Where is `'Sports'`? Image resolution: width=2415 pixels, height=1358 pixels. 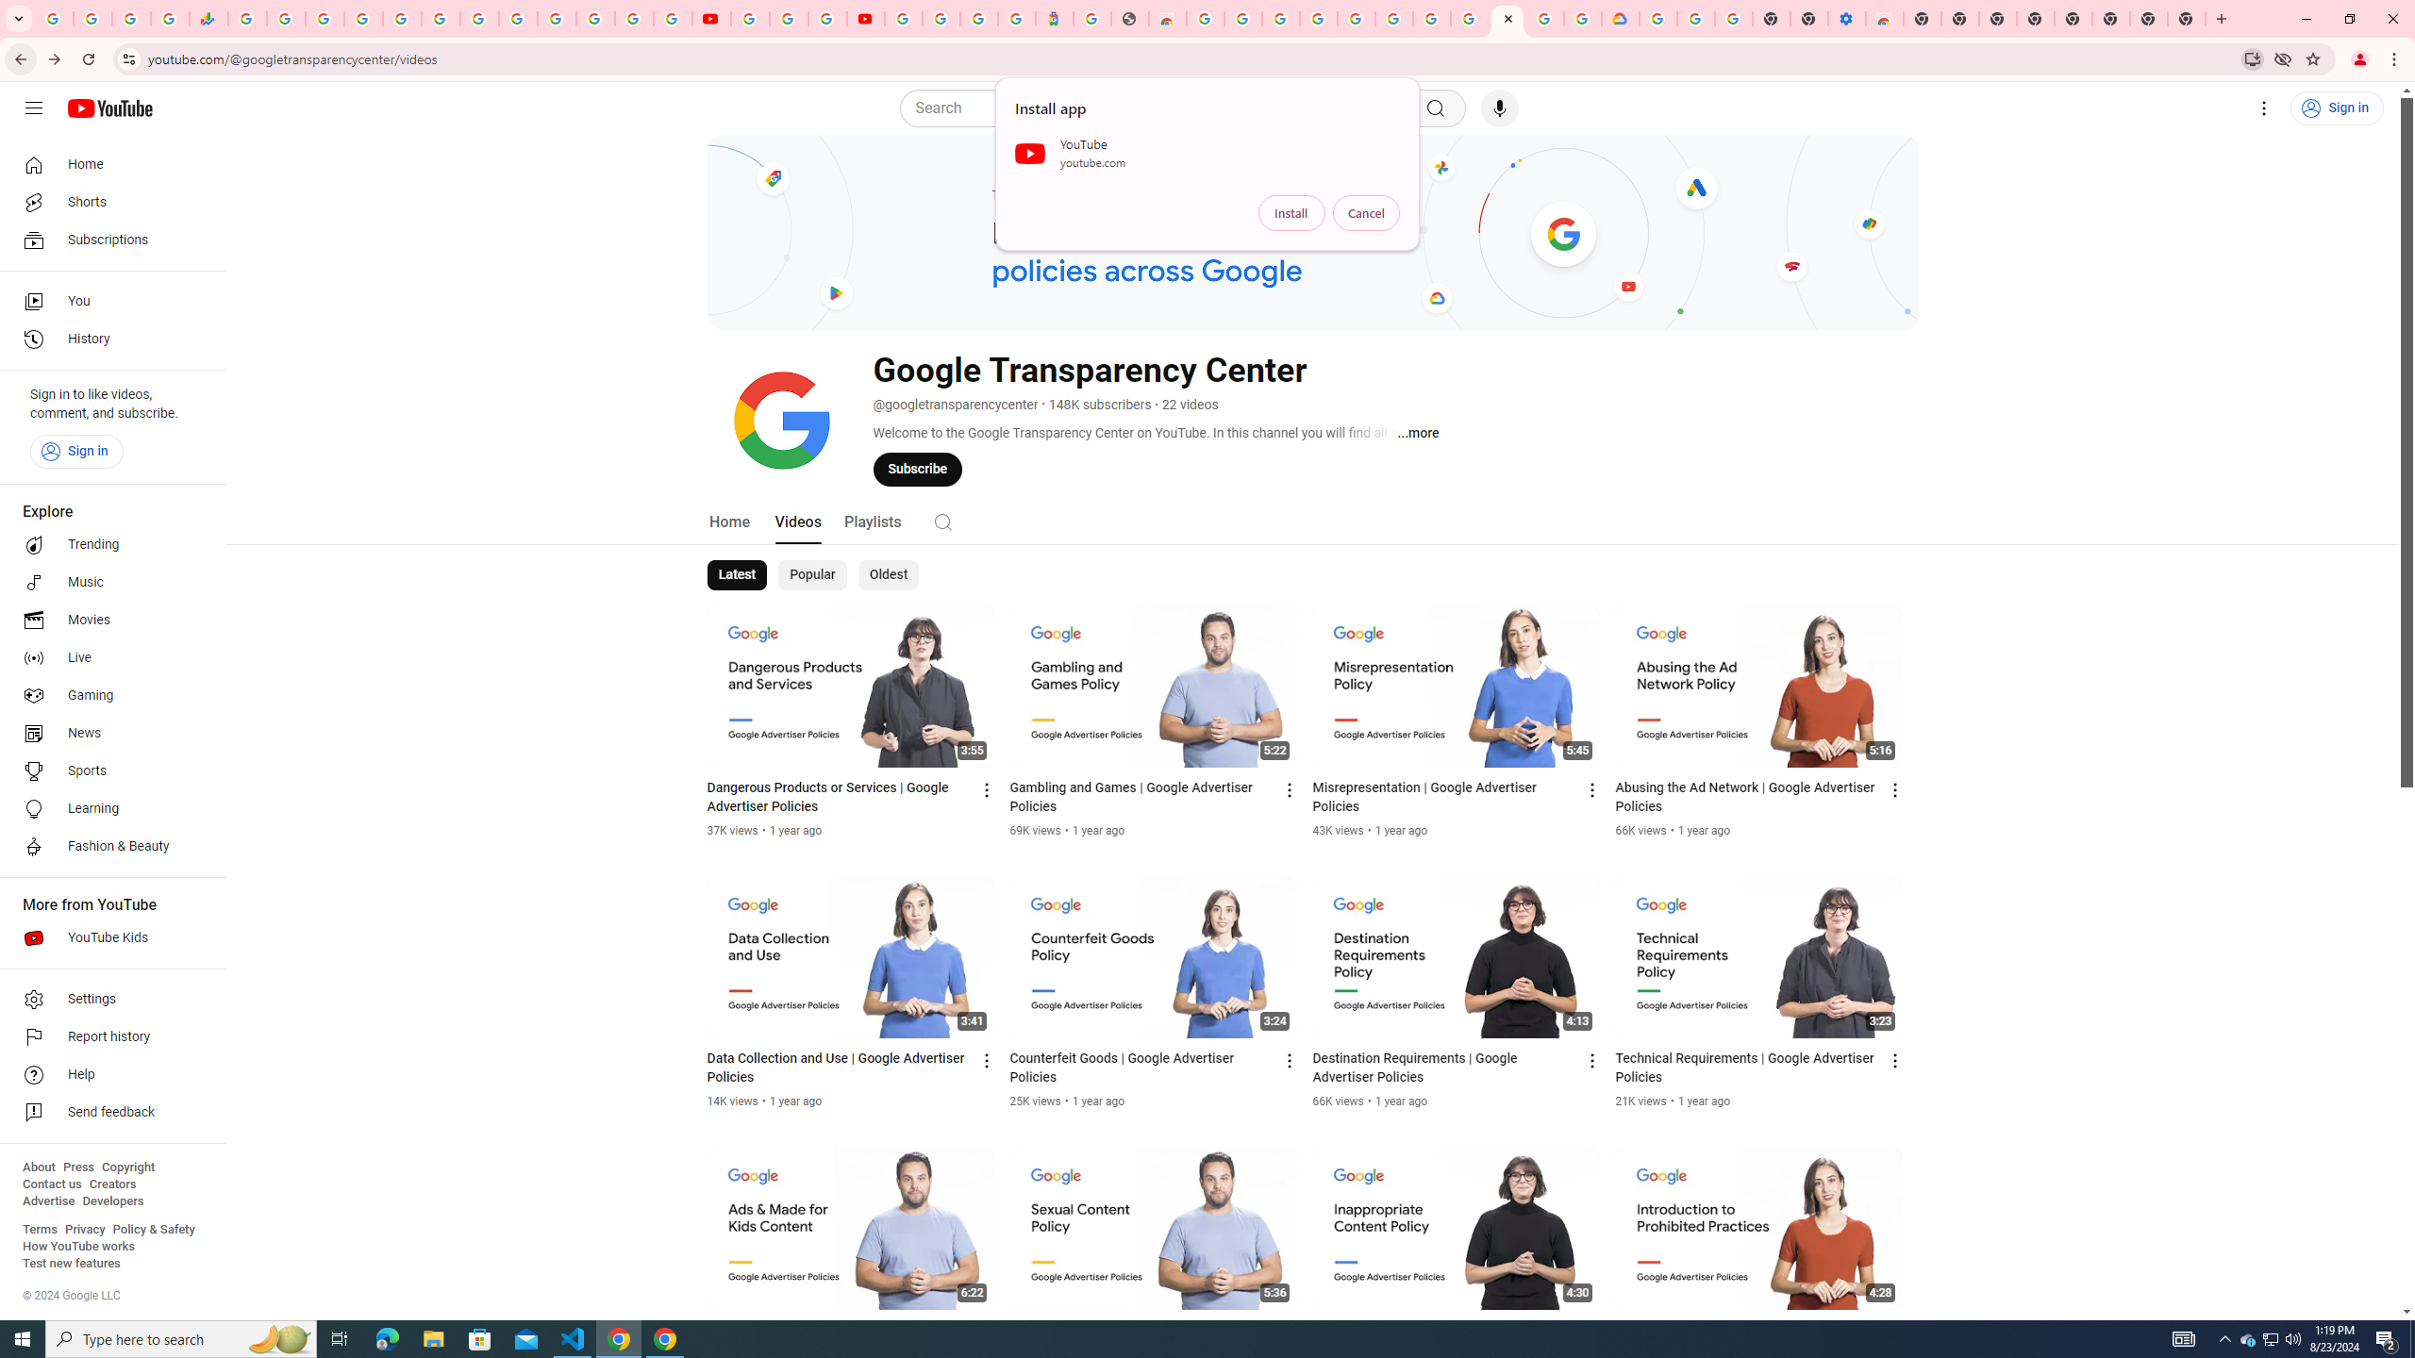 'Sports' is located at coordinates (107, 770).